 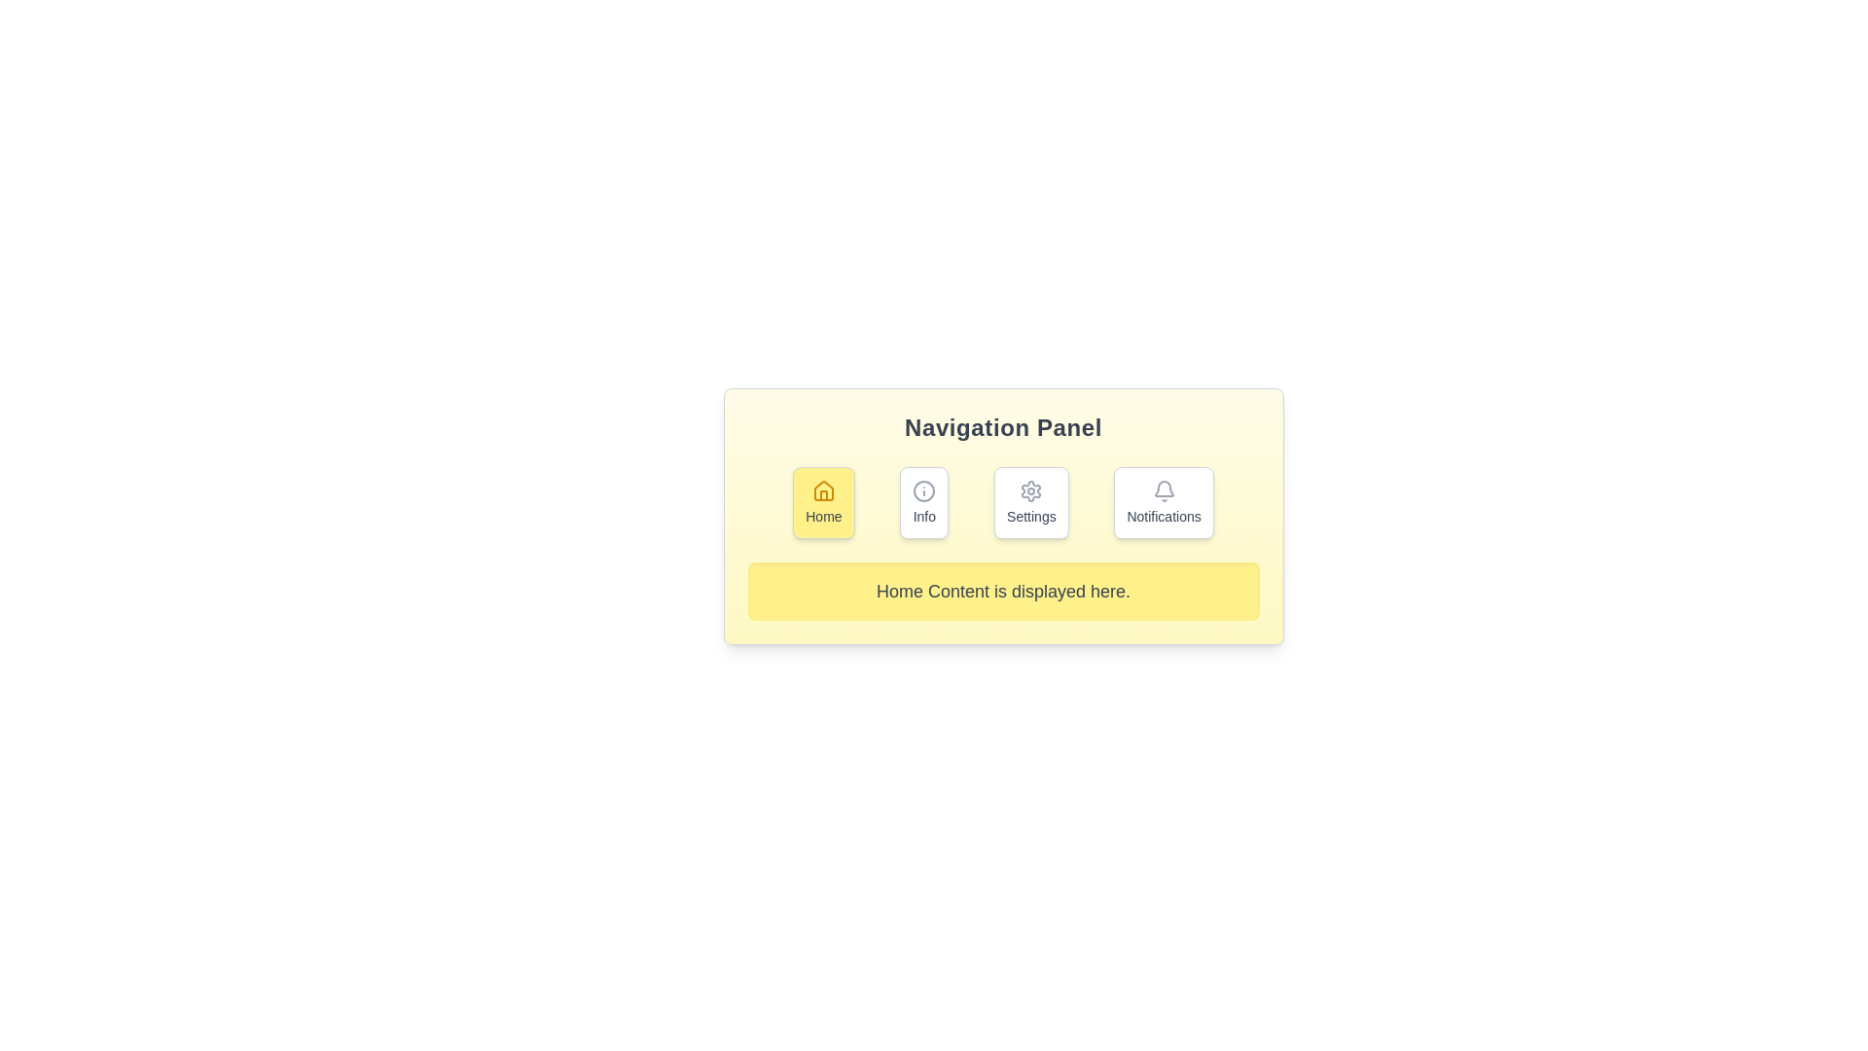 I want to click on the second button from the left in the navigation panel to trigger visual feedback, so click(x=923, y=501).